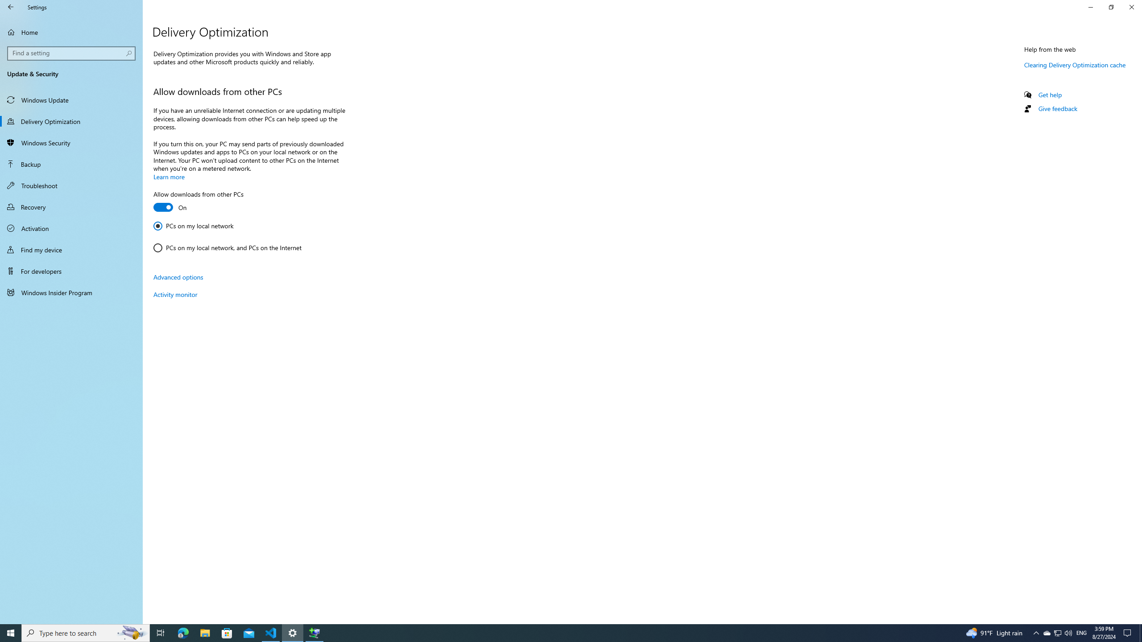  Describe the element at coordinates (554, 632) in the screenshot. I see `'Running applications'` at that location.